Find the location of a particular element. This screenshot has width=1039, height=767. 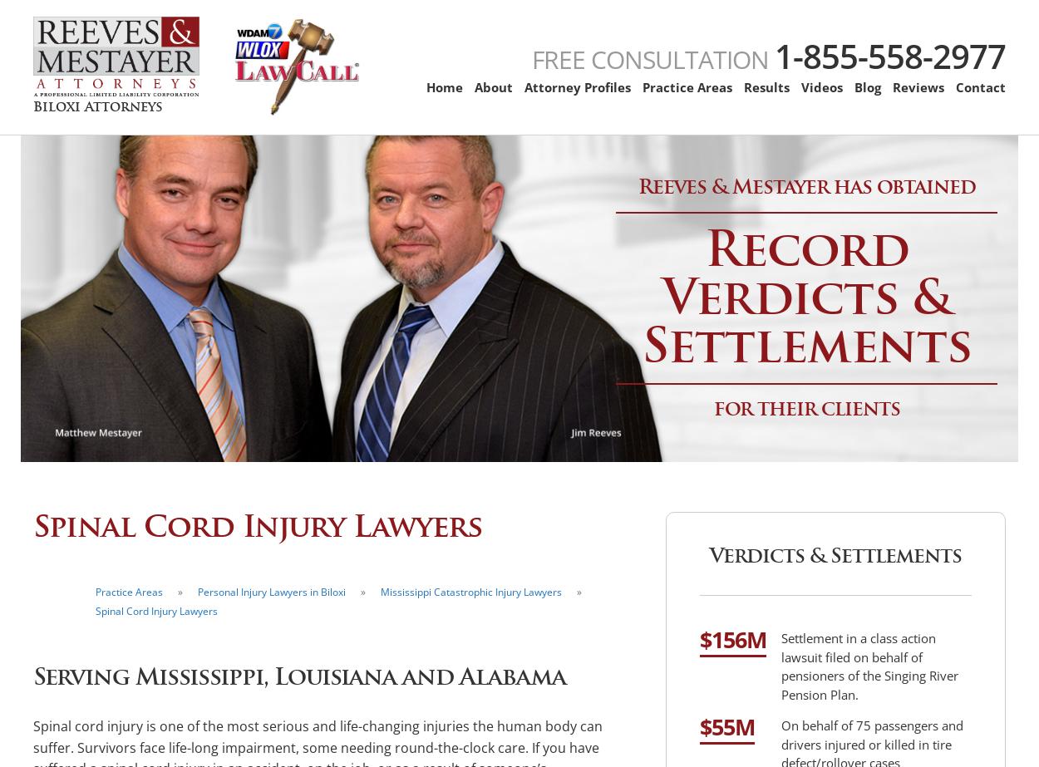

'Practice Areas' is located at coordinates (687, 87).